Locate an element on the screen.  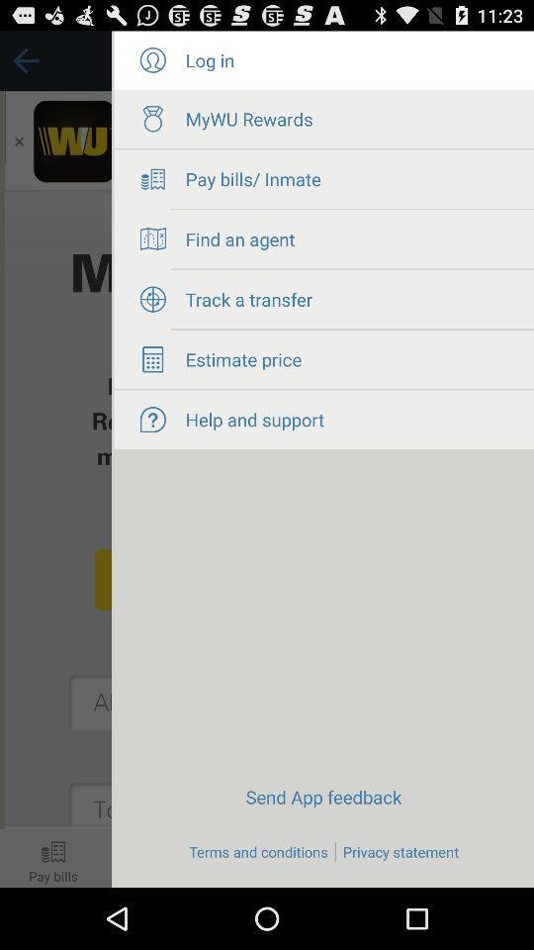
check user profile is located at coordinates (151, 60).